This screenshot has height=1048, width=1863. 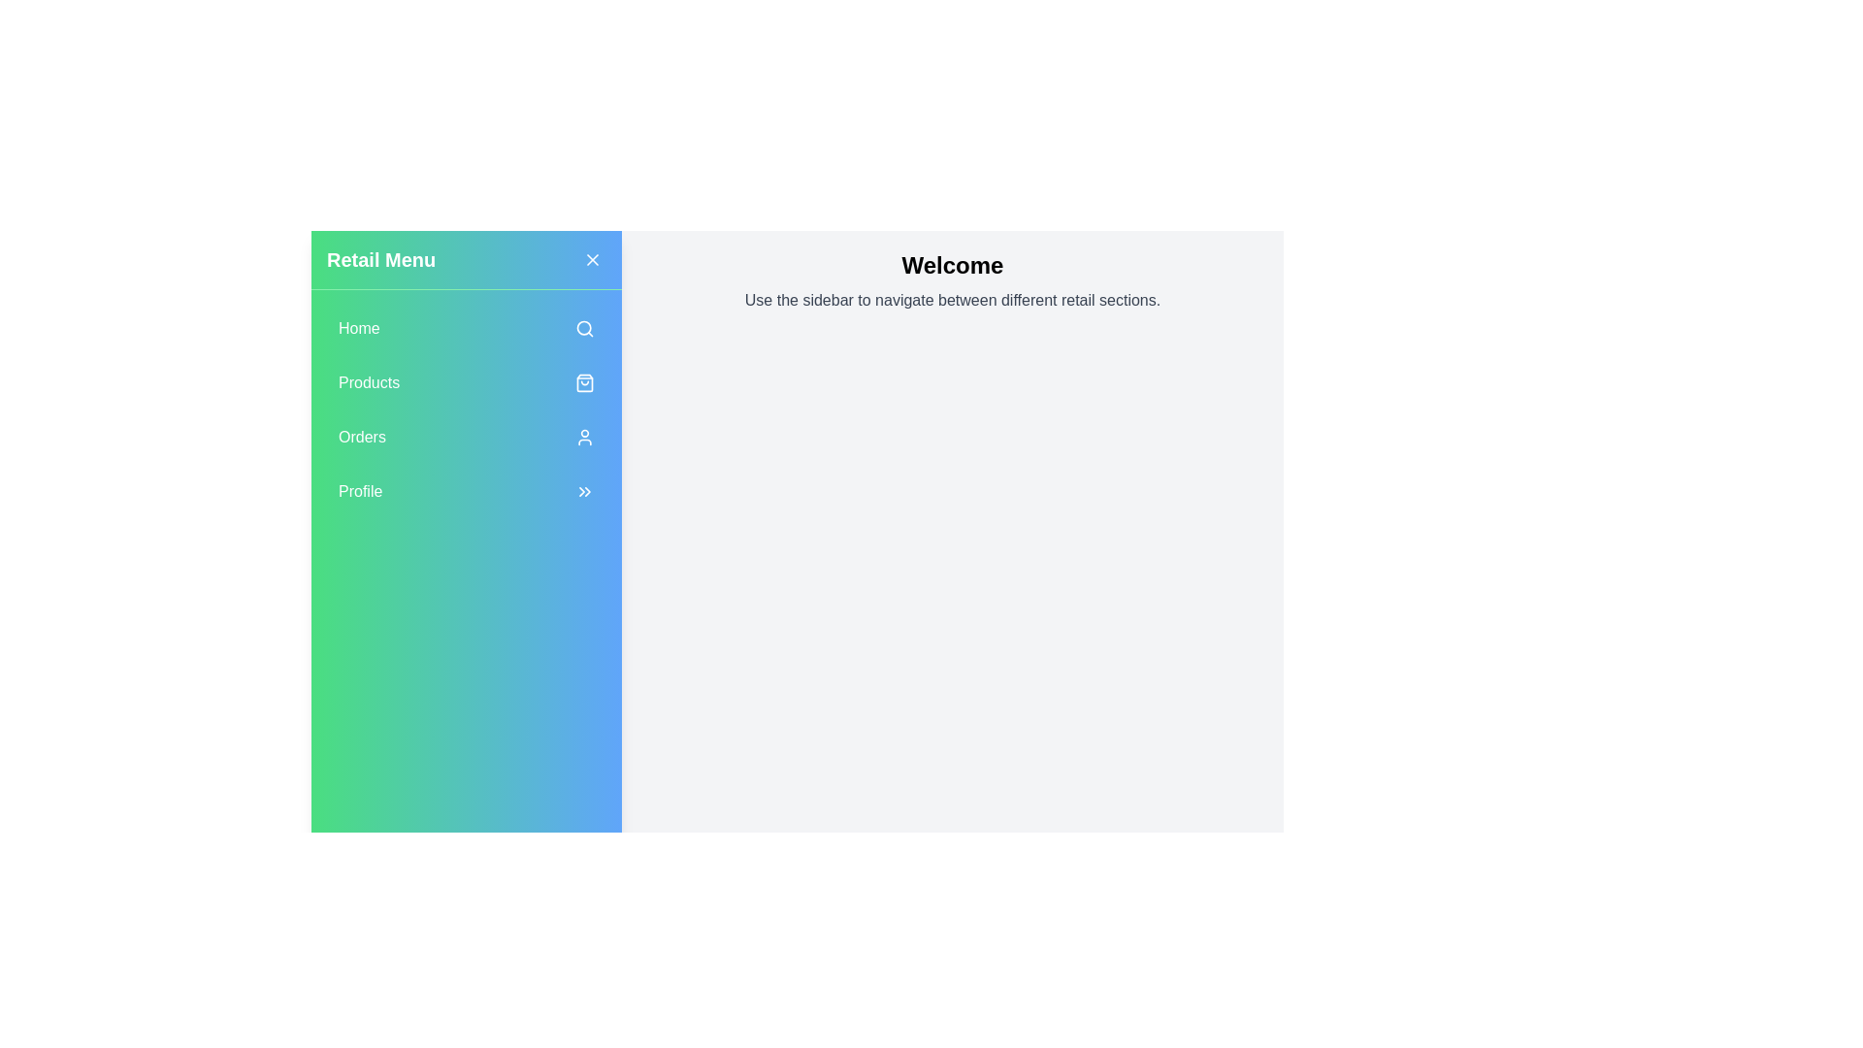 What do you see at coordinates (953, 265) in the screenshot?
I see `the title or greeting text element that introduces the content, positioned at the top of the central area of the interface` at bounding box center [953, 265].